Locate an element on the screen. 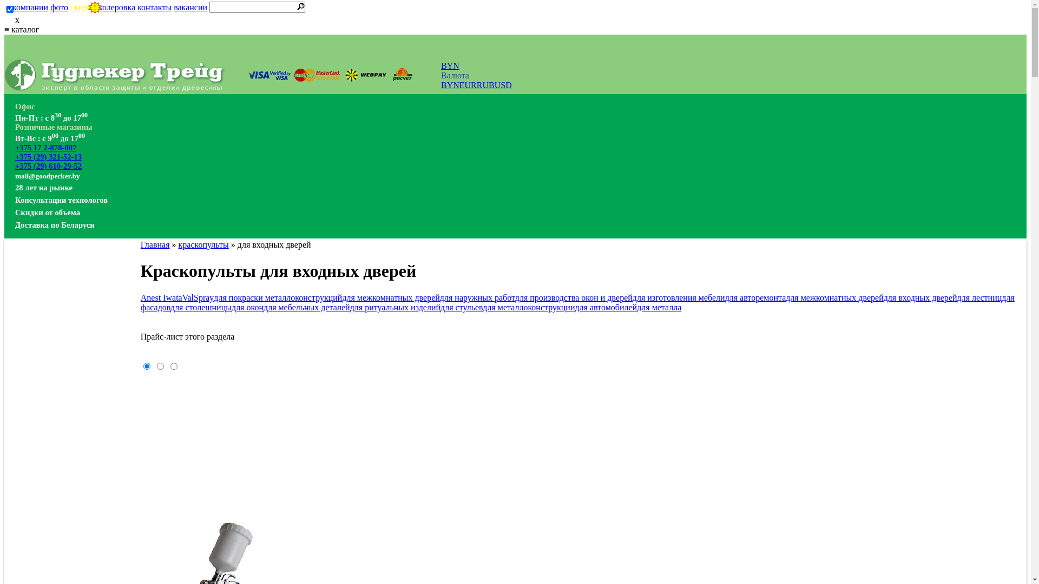  'BYN' is located at coordinates (441, 65).